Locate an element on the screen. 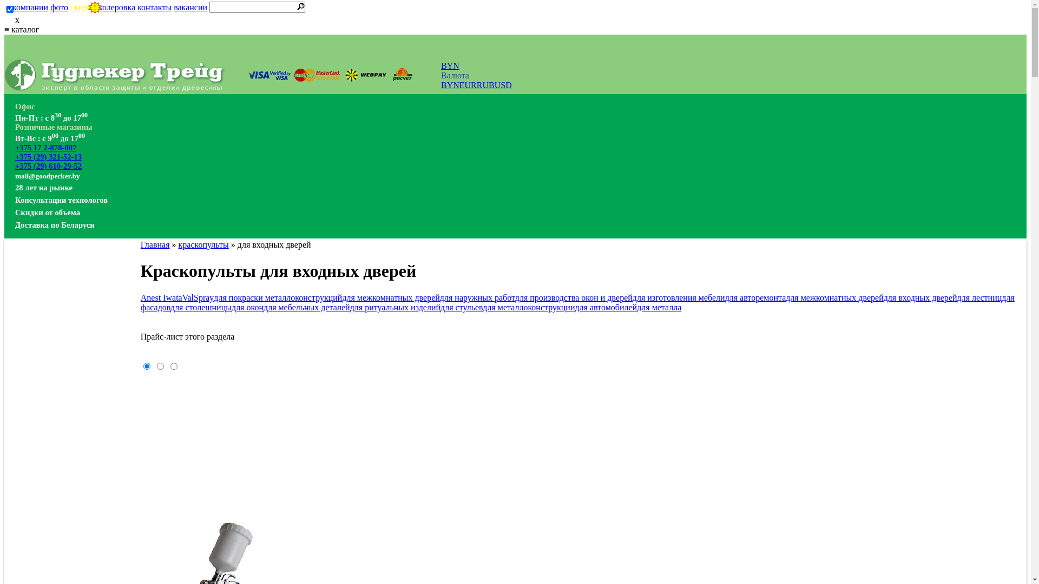  'BYN' is located at coordinates (441, 65).